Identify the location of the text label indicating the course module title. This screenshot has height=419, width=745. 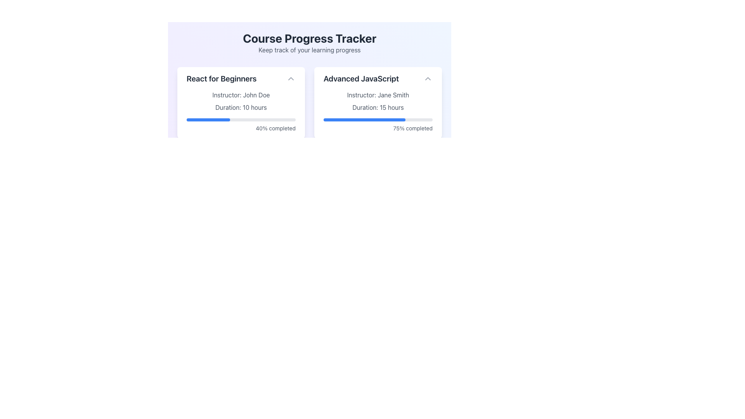
(241, 79).